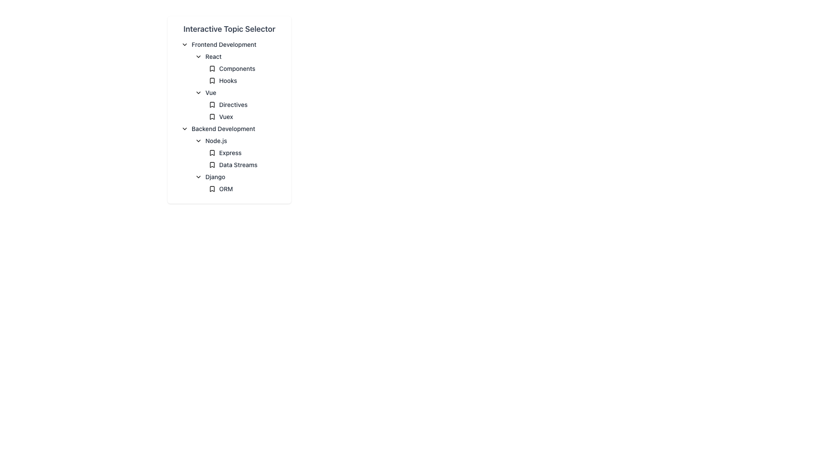 This screenshot has width=825, height=464. I want to click on the clickable icon to the left of the 'Node.js' text in the 'Backend Development' section, so click(198, 140).